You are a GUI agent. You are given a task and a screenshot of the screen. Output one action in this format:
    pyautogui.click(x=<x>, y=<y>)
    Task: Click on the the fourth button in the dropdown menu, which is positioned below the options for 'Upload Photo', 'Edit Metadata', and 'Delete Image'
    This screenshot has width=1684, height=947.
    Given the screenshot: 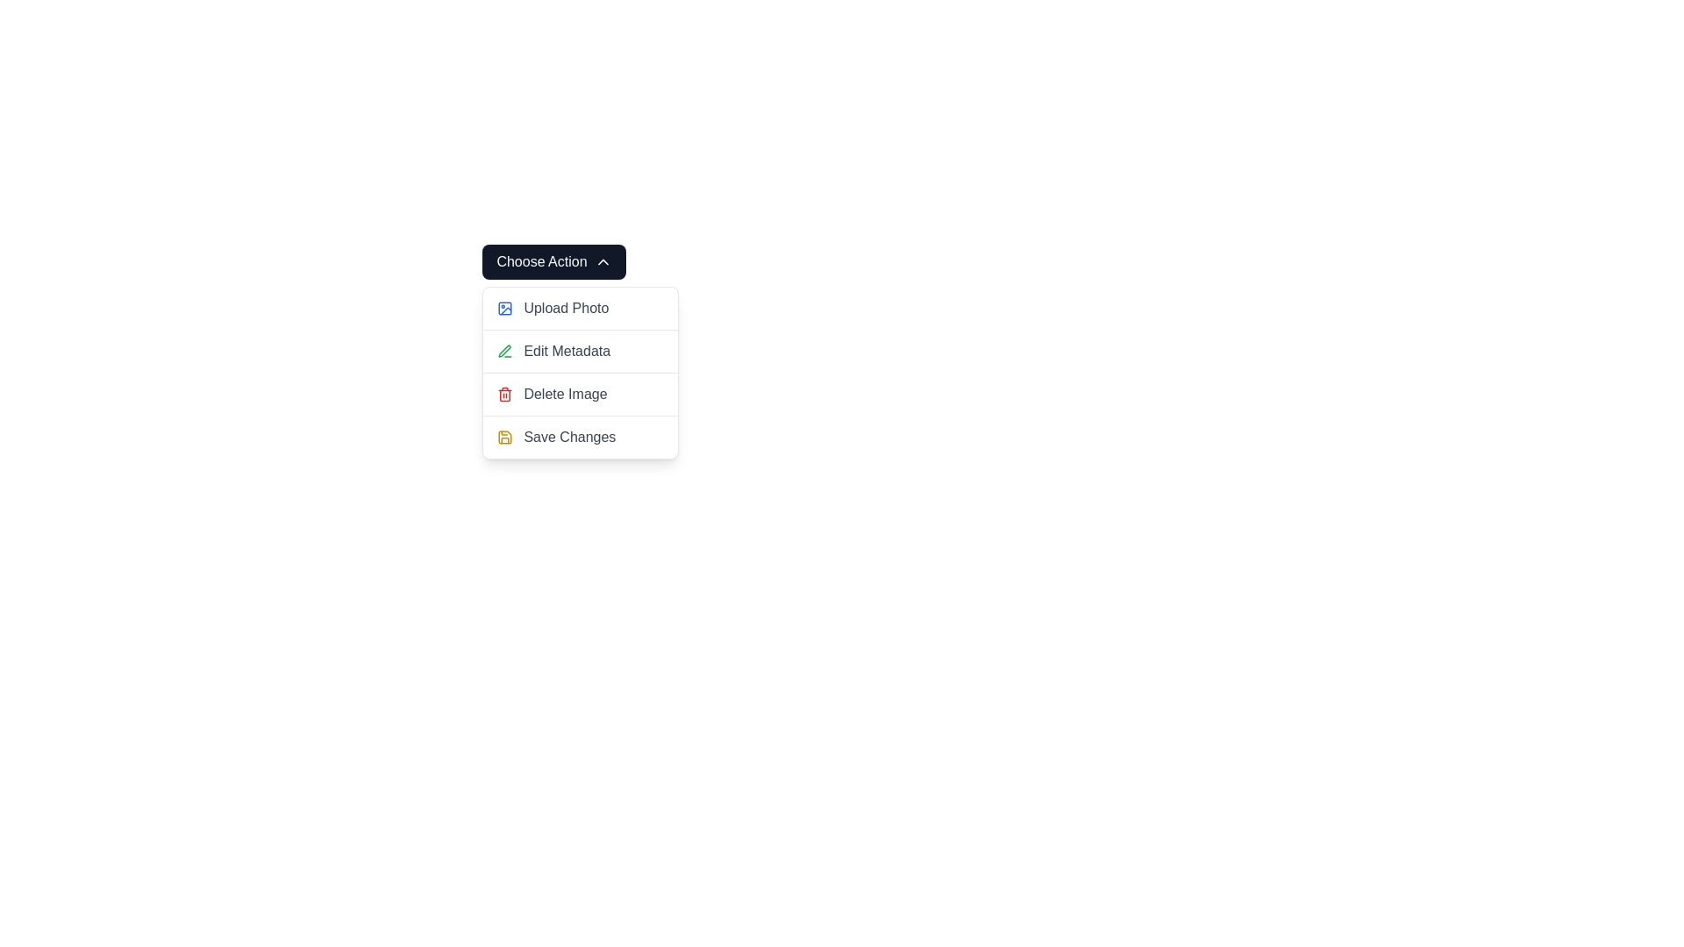 What is the action you would take?
    pyautogui.click(x=569, y=436)
    